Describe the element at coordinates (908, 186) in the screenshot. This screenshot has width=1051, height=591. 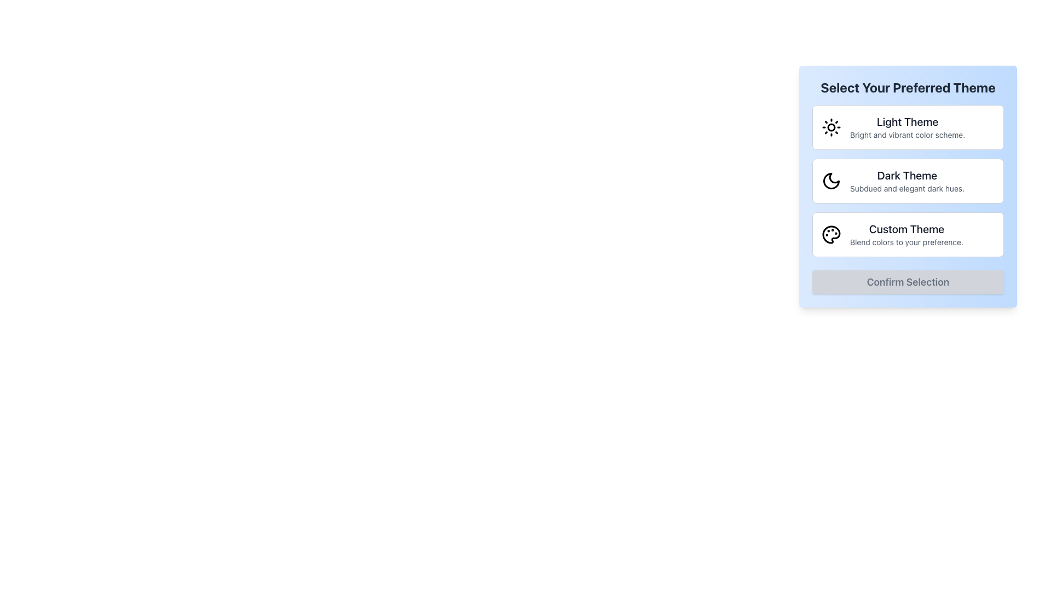
I see `a theme row in the selectable card group` at that location.